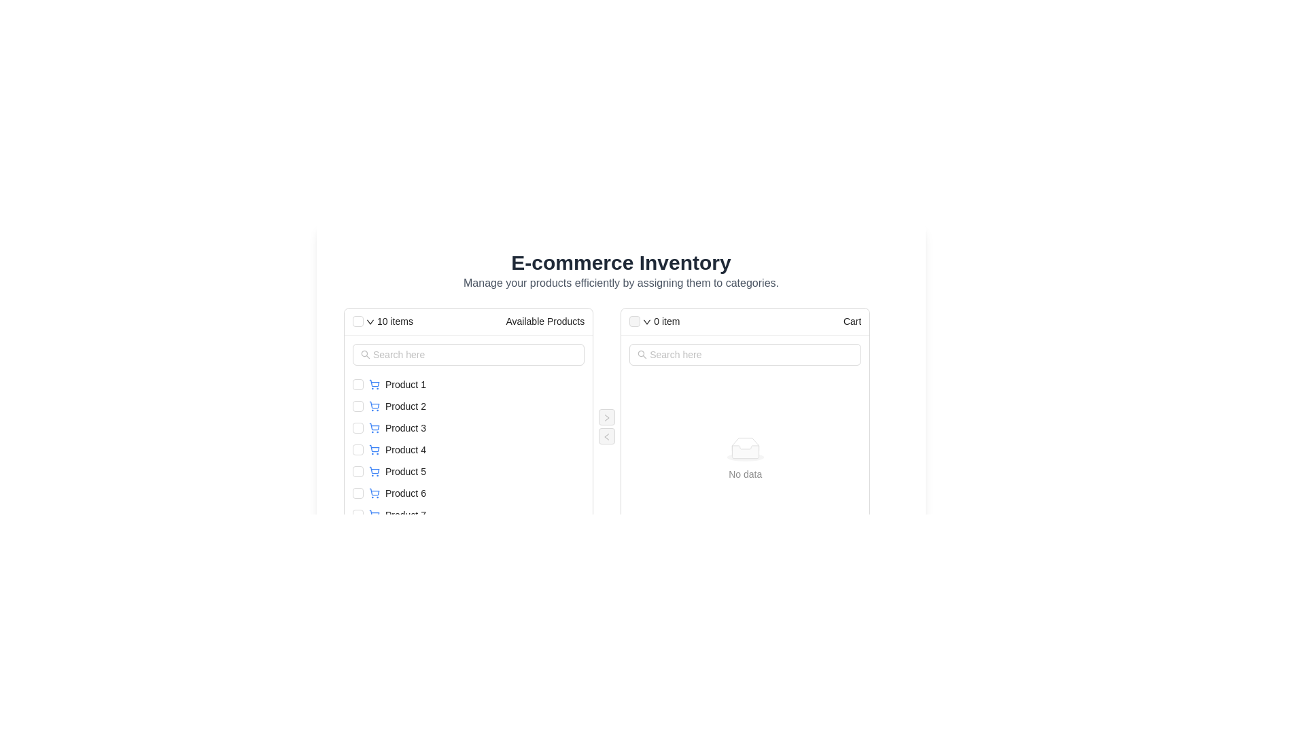  Describe the element at coordinates (667, 321) in the screenshot. I see `the label displaying '0 item' located in the header of the right section labeled 'Cart', which is positioned immediately after an arrow-like dropdown icon` at that location.